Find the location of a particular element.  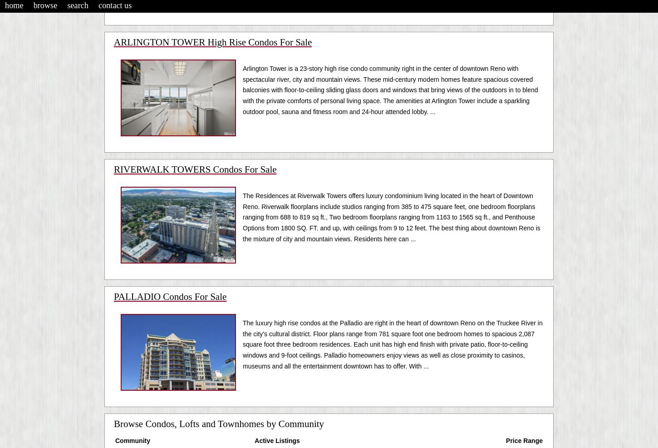

'Community' is located at coordinates (133, 440).